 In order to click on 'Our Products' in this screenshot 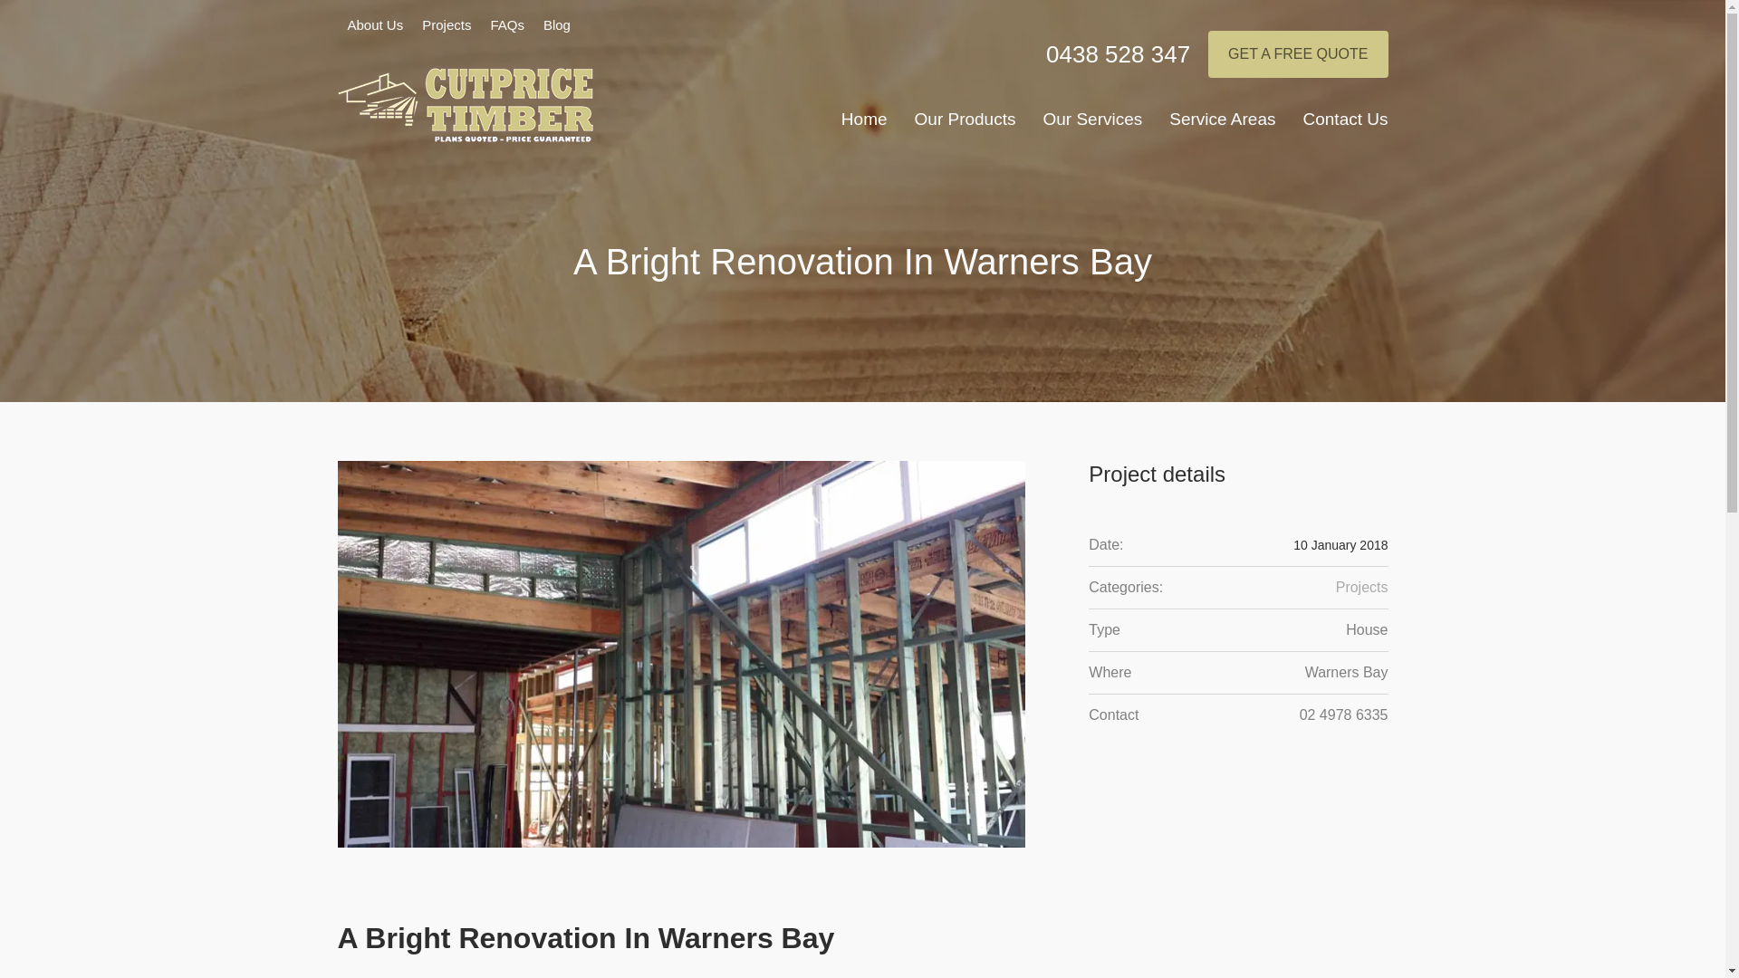, I will do `click(964, 122)`.